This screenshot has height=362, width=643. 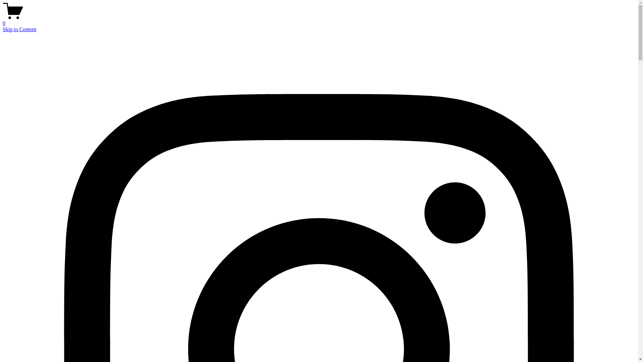 I want to click on '0', so click(x=318, y=20).